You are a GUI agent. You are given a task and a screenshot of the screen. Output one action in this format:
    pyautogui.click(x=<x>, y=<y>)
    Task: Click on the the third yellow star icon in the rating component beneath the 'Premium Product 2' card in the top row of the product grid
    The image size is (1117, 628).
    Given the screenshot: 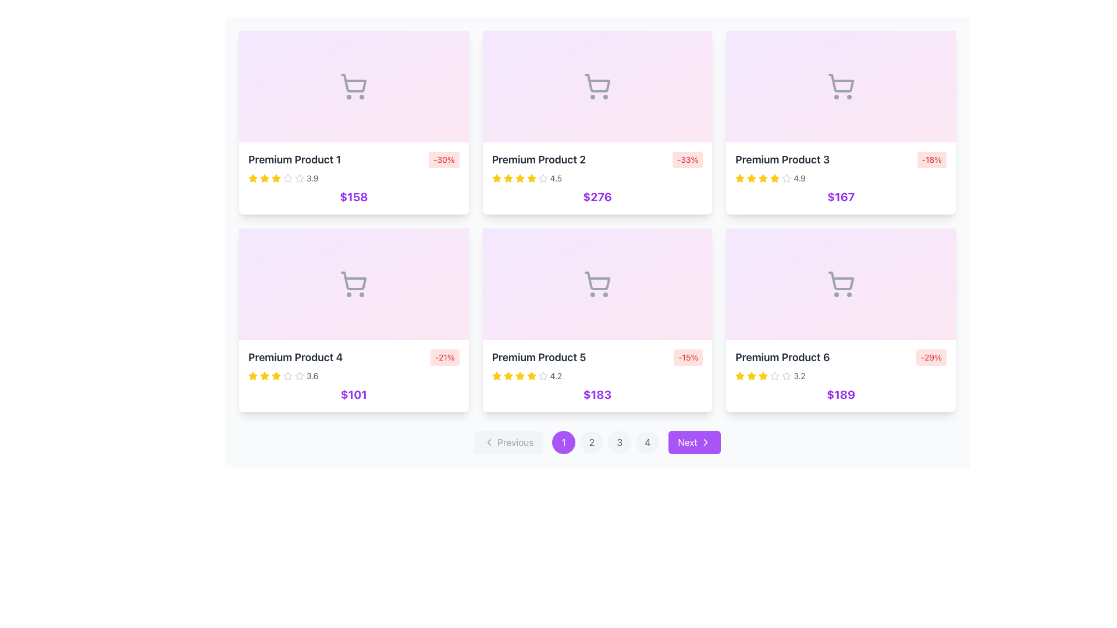 What is the action you would take?
    pyautogui.click(x=508, y=179)
    